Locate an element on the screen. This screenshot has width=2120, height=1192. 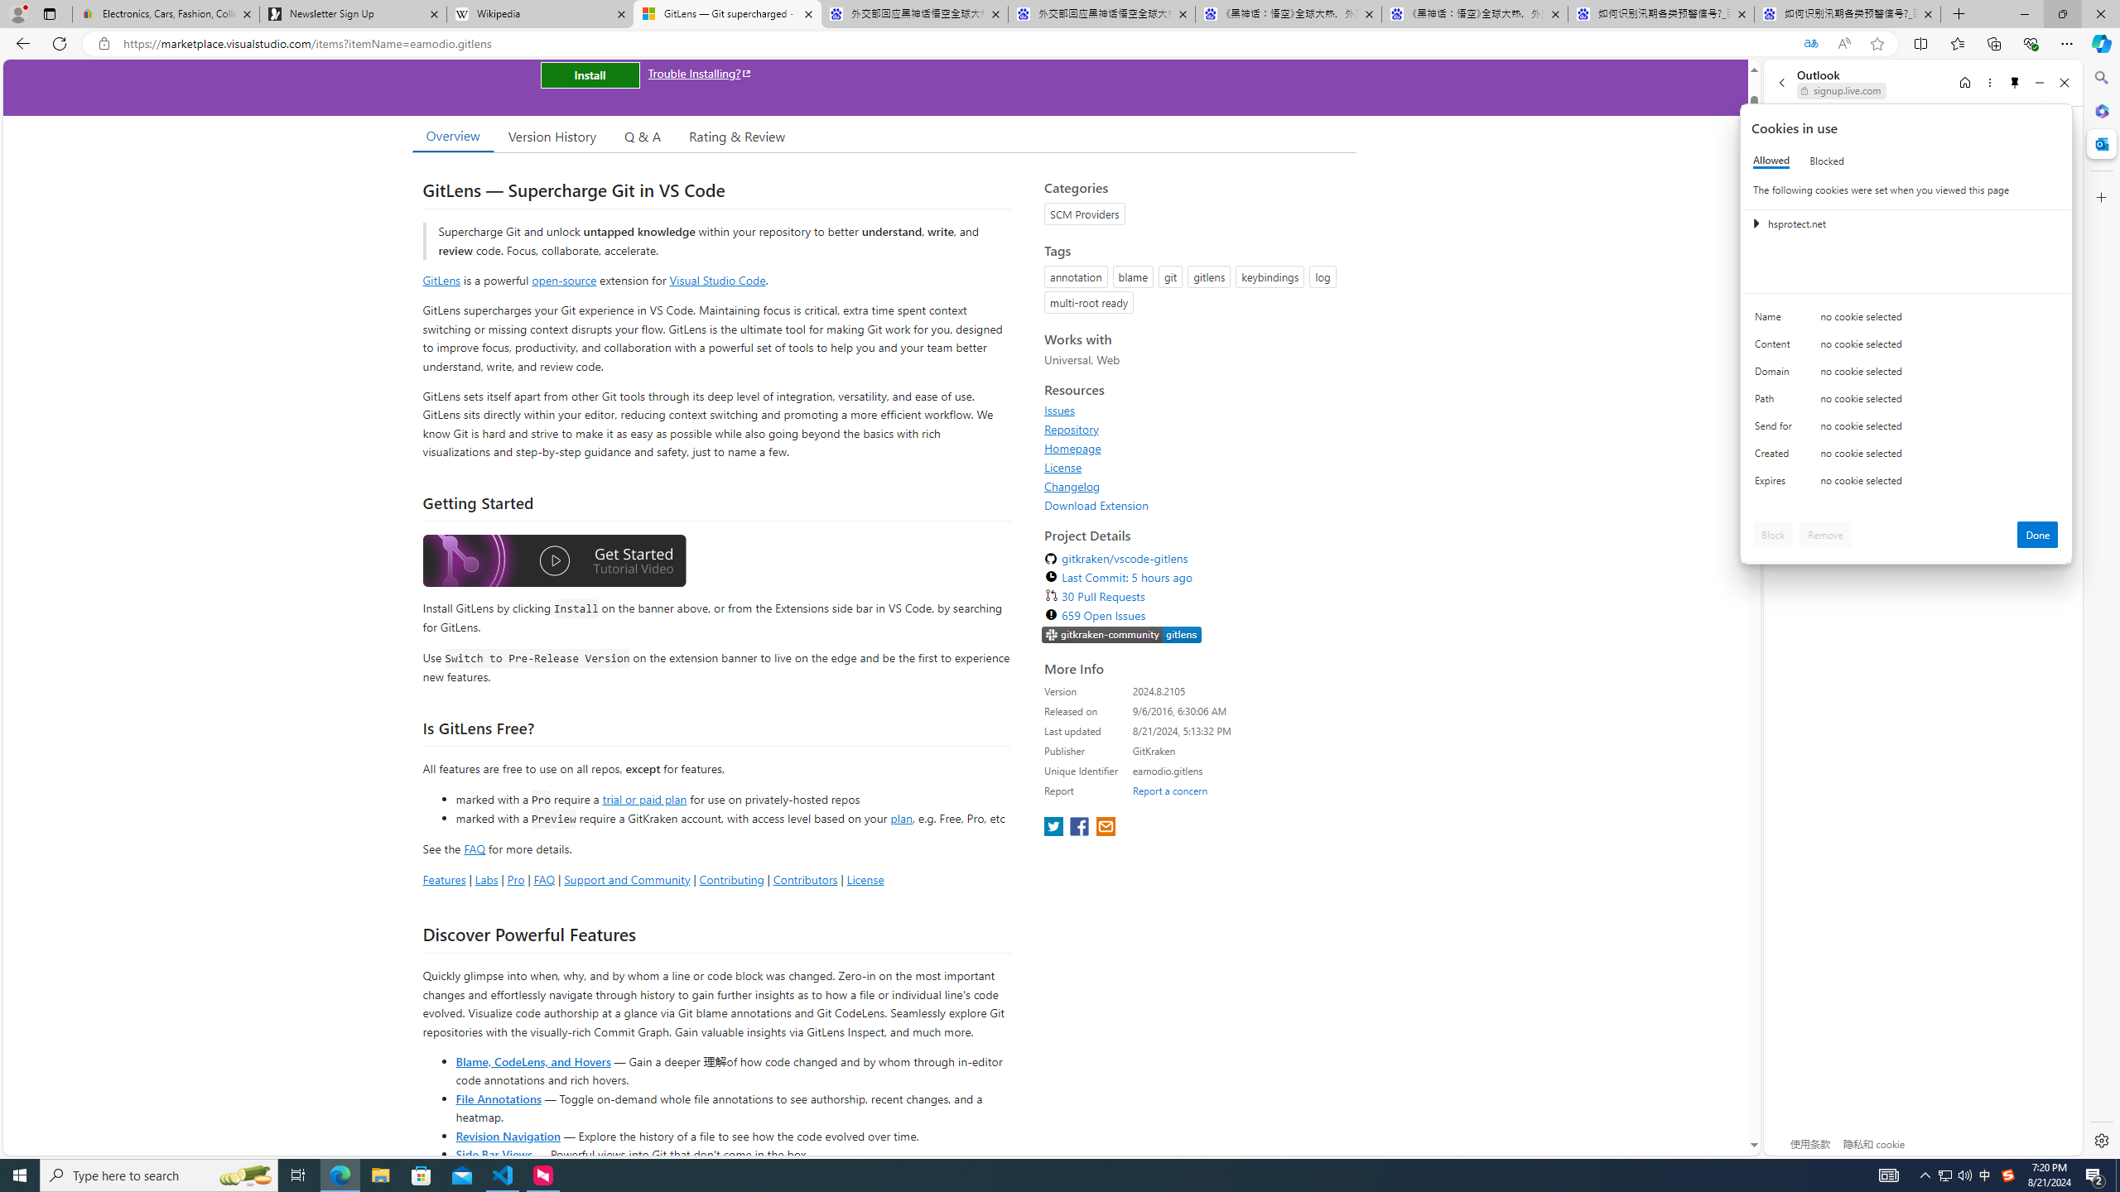
'Domain' is located at coordinates (1775, 374).